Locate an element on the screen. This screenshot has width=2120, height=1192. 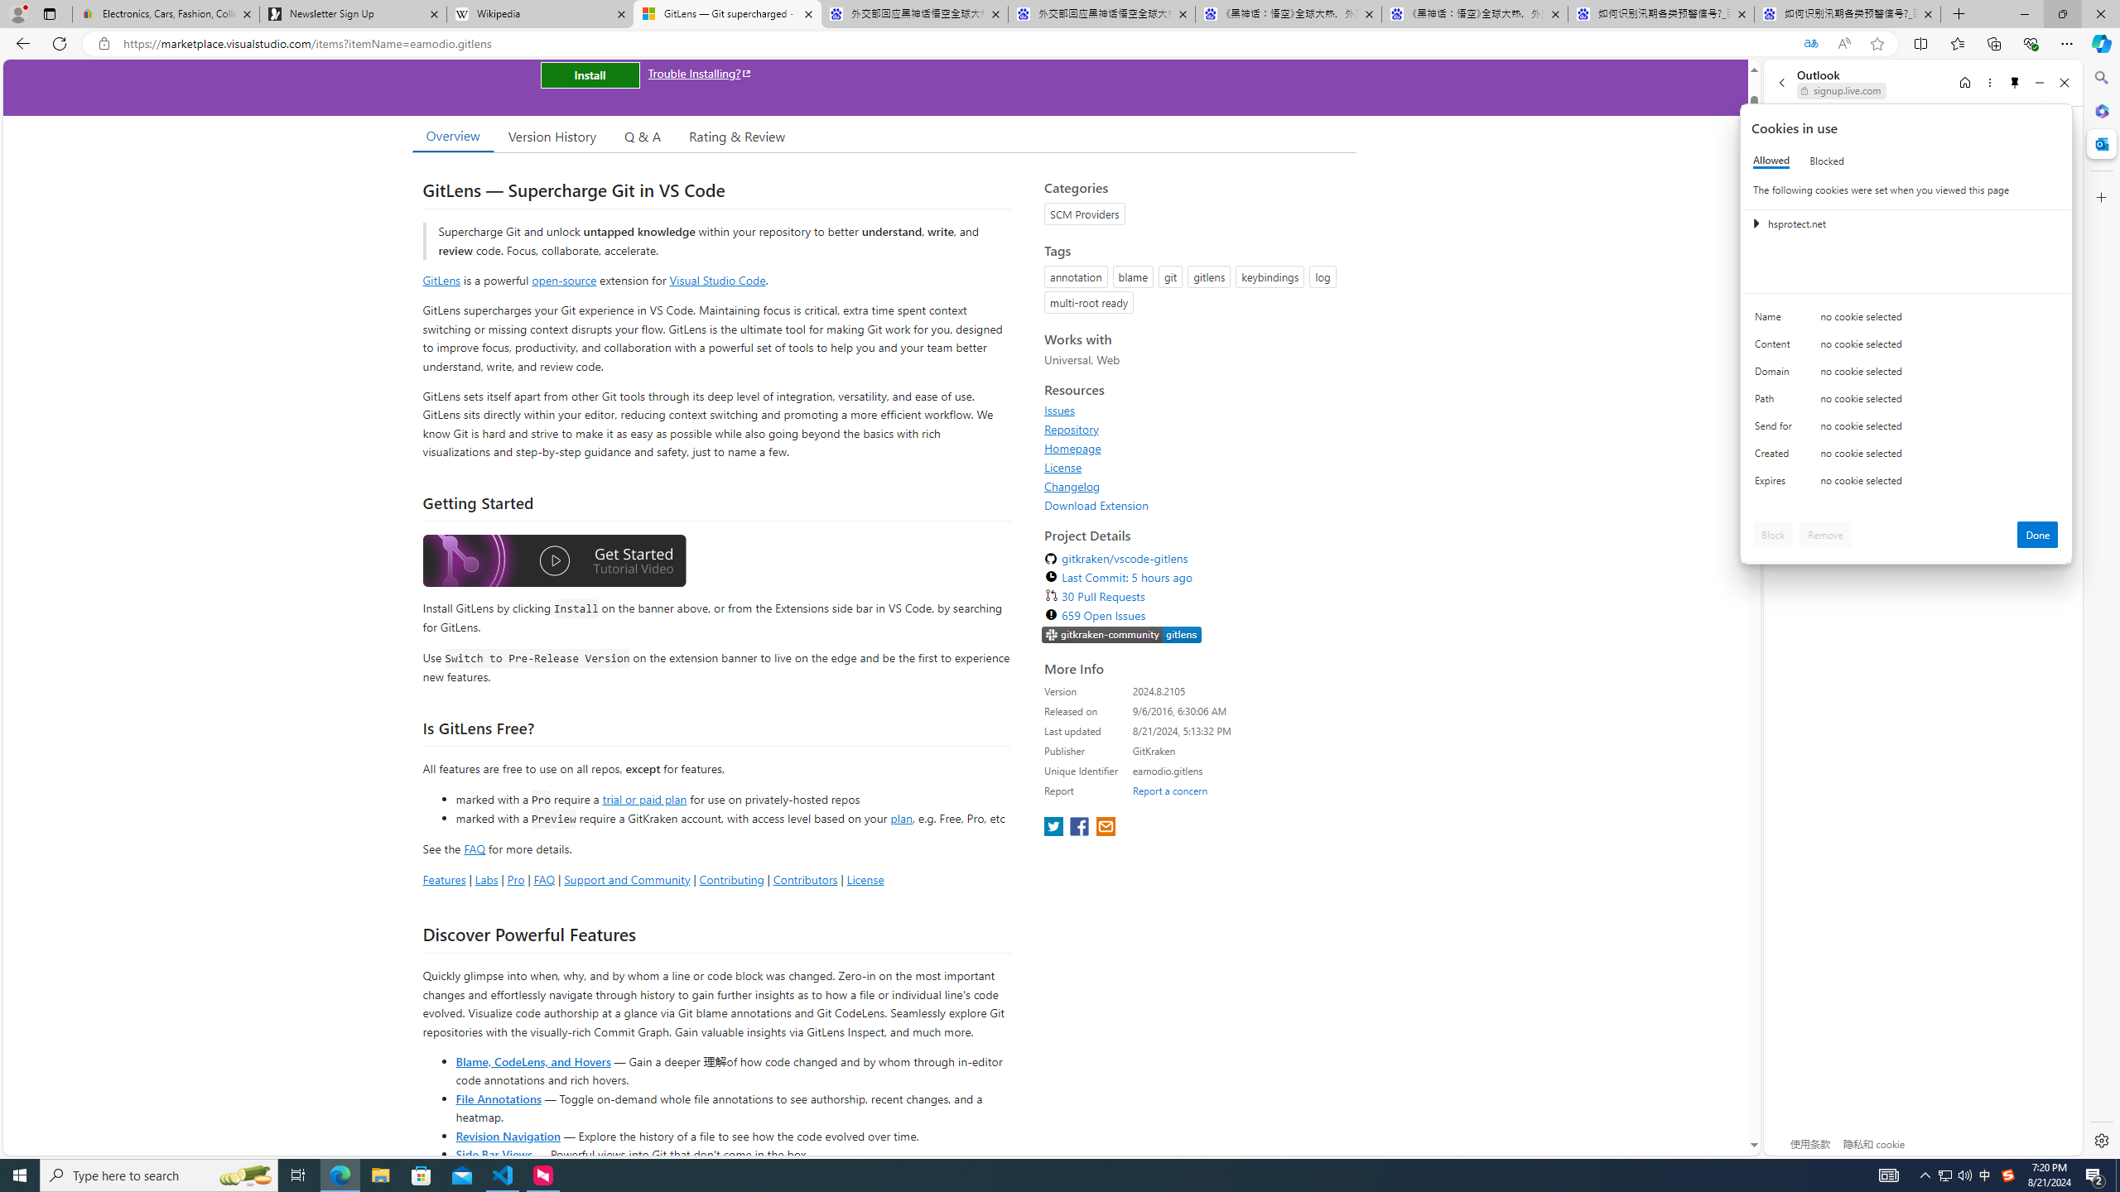
'Domain' is located at coordinates (1775, 374).